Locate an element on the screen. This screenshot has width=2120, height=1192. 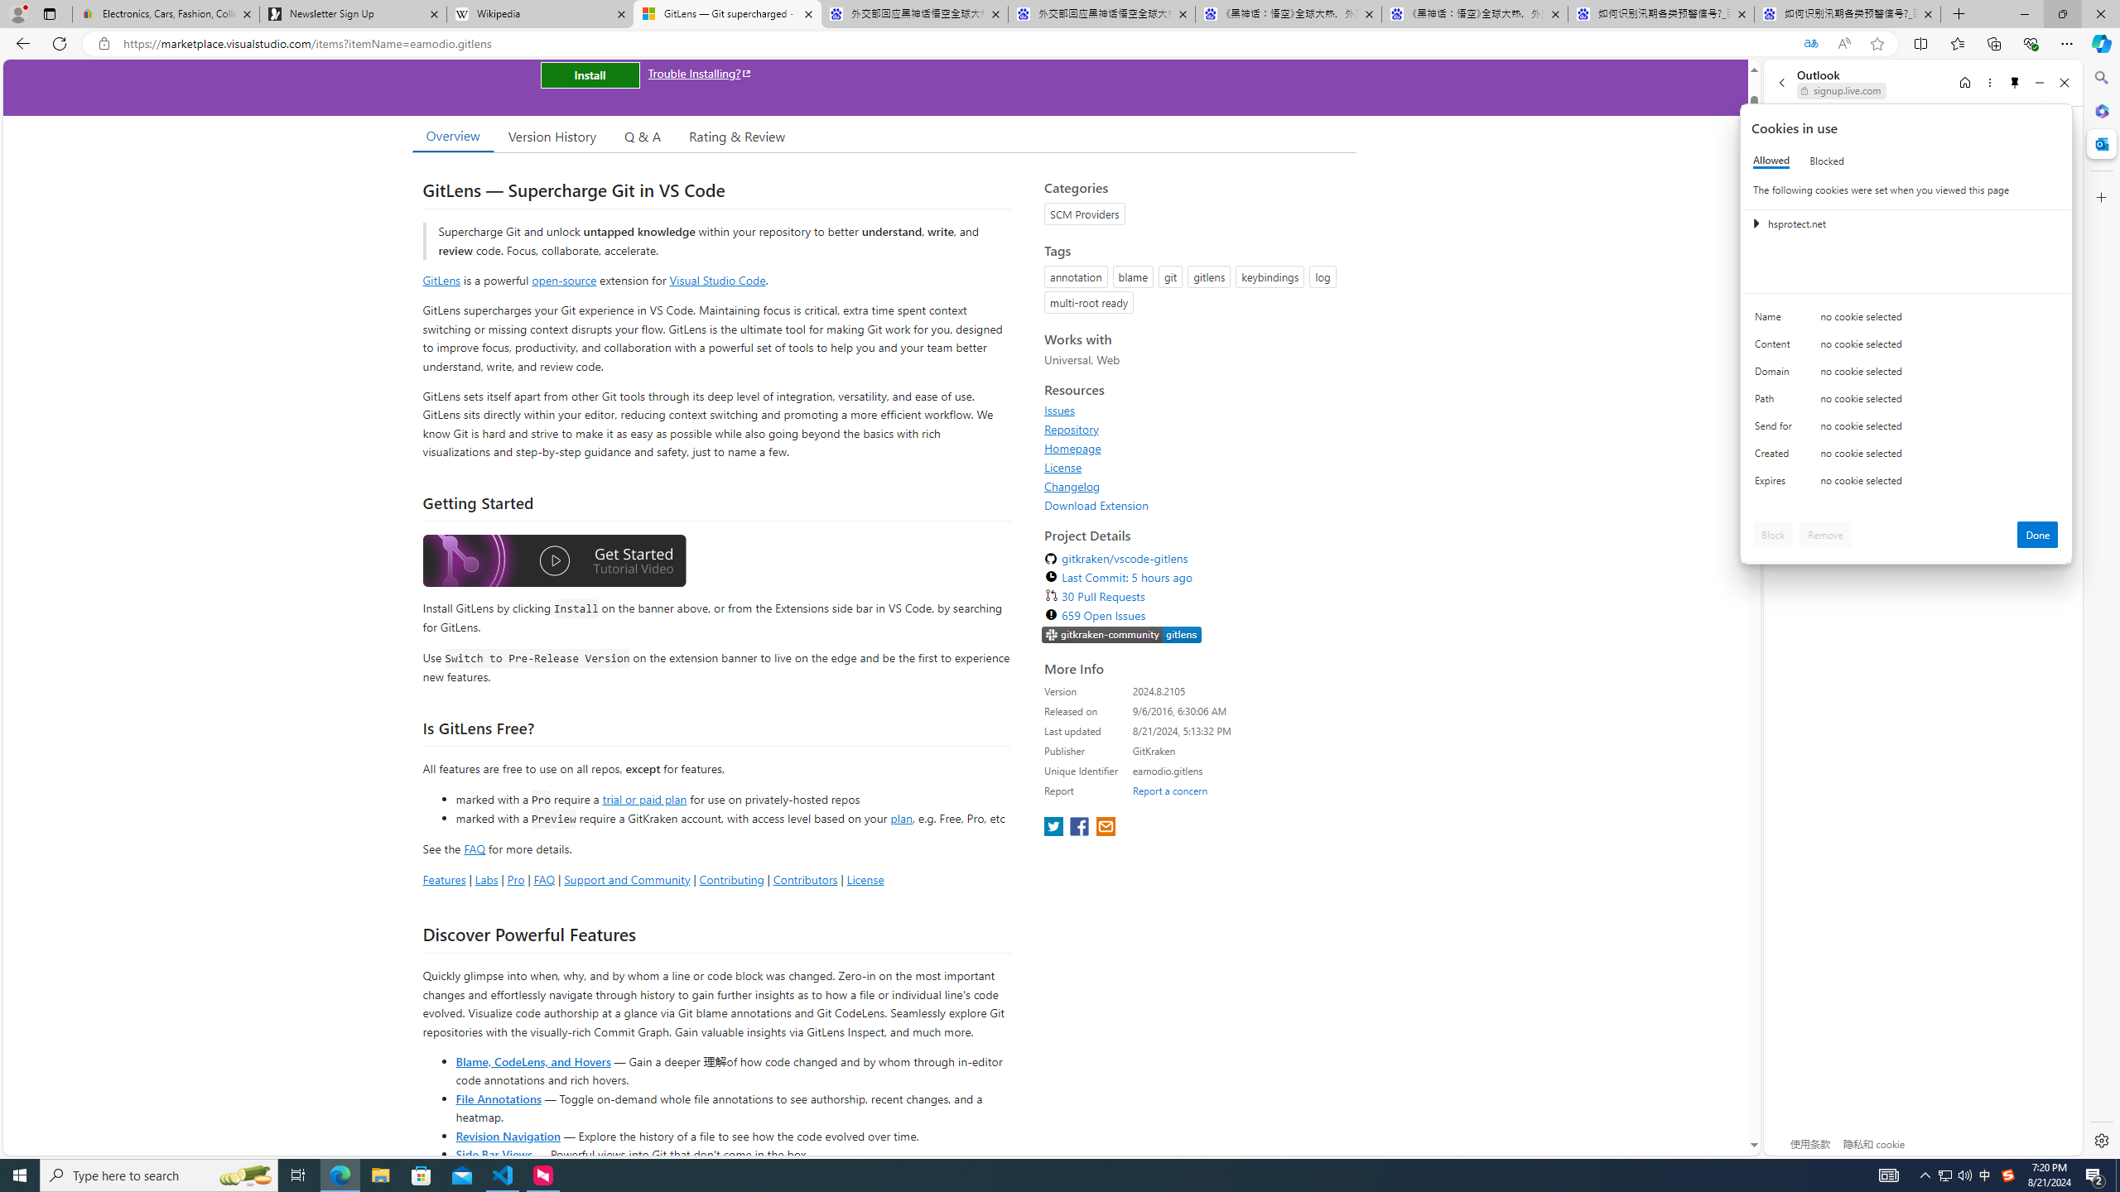
'Domain' is located at coordinates (1775, 374).